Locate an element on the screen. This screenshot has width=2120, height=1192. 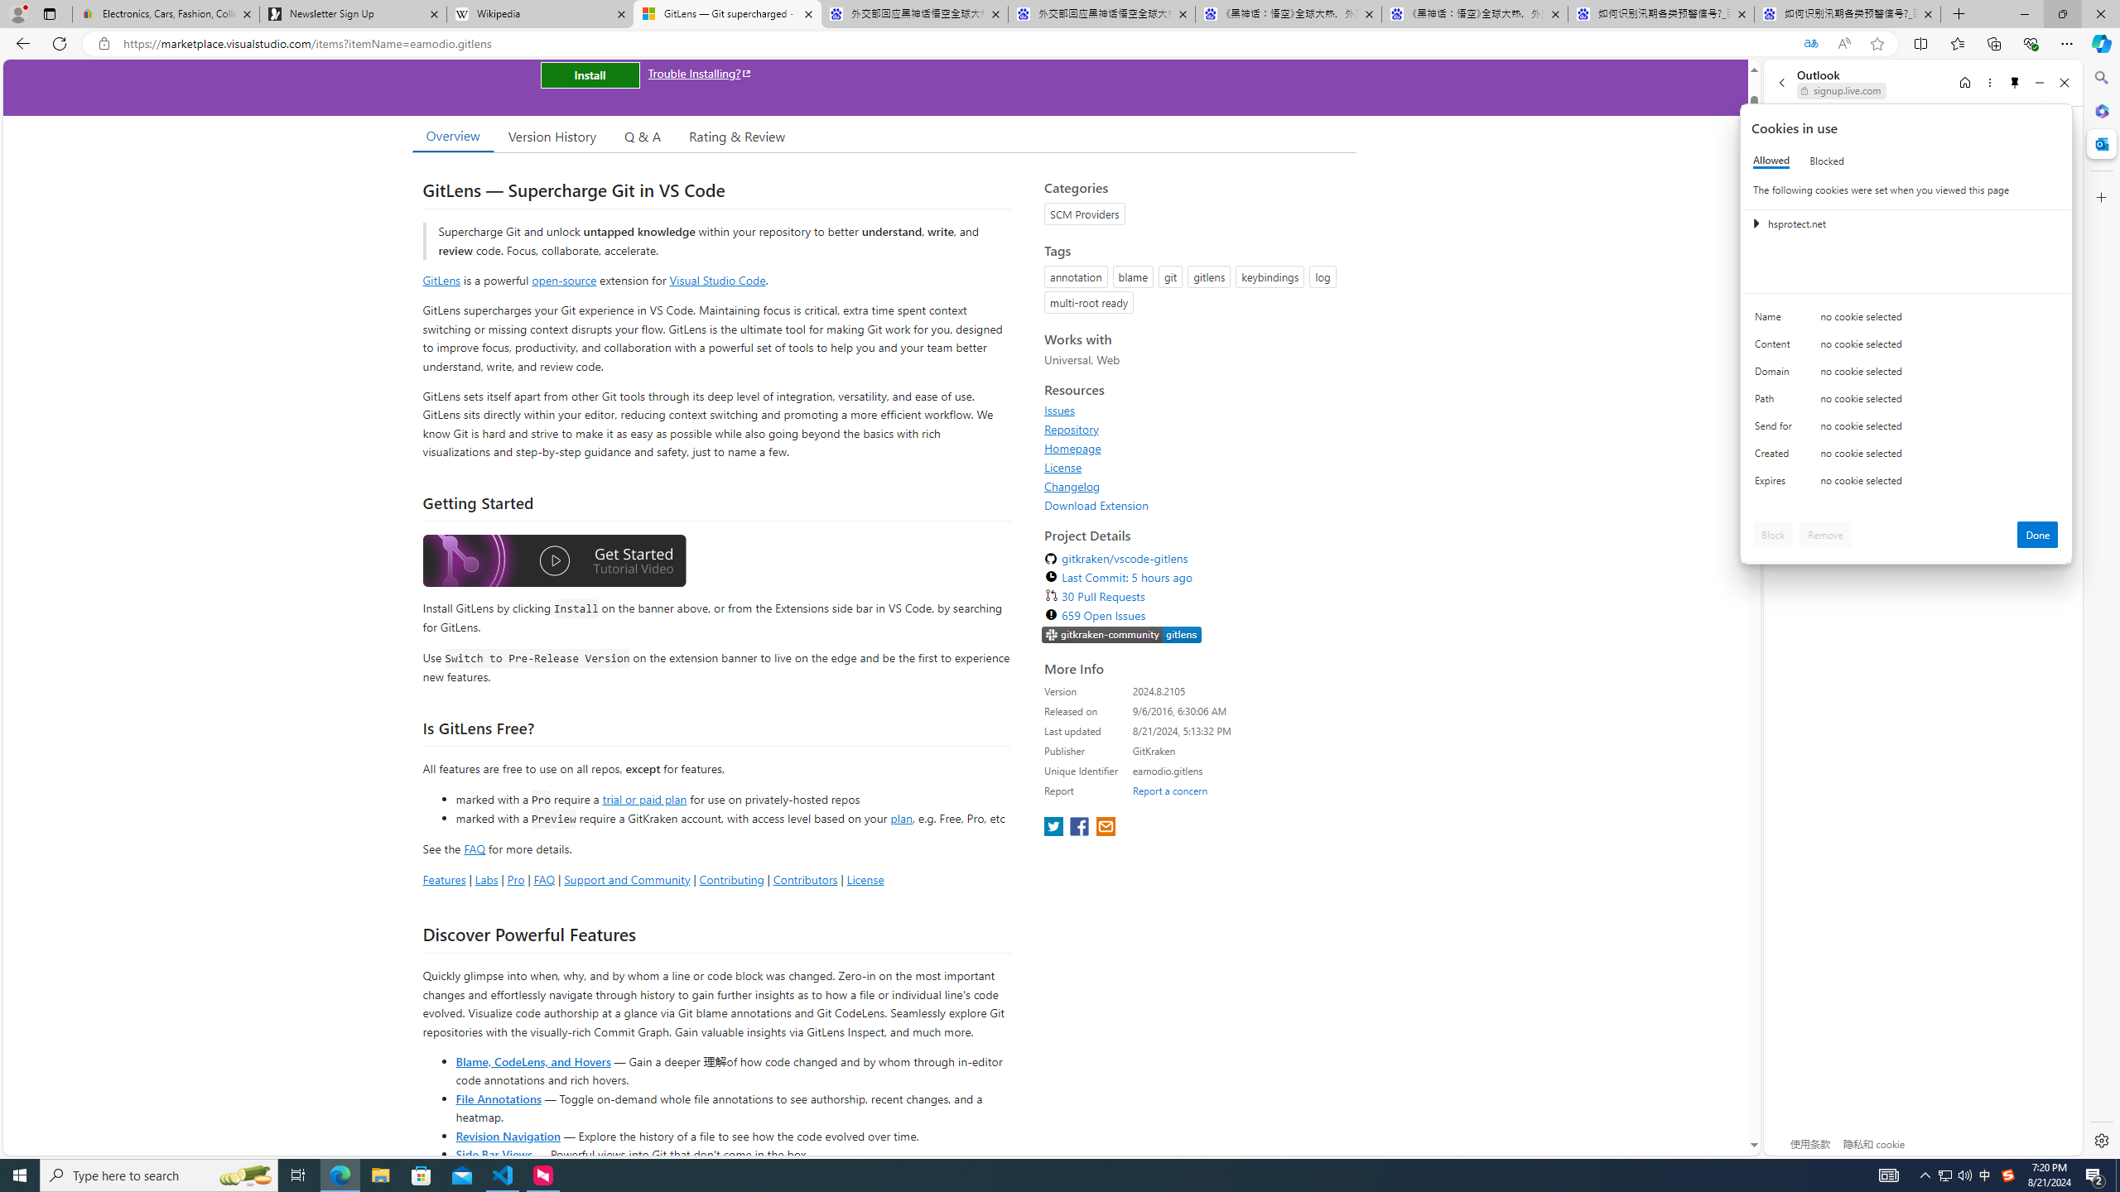
'Domain' is located at coordinates (1775, 374).